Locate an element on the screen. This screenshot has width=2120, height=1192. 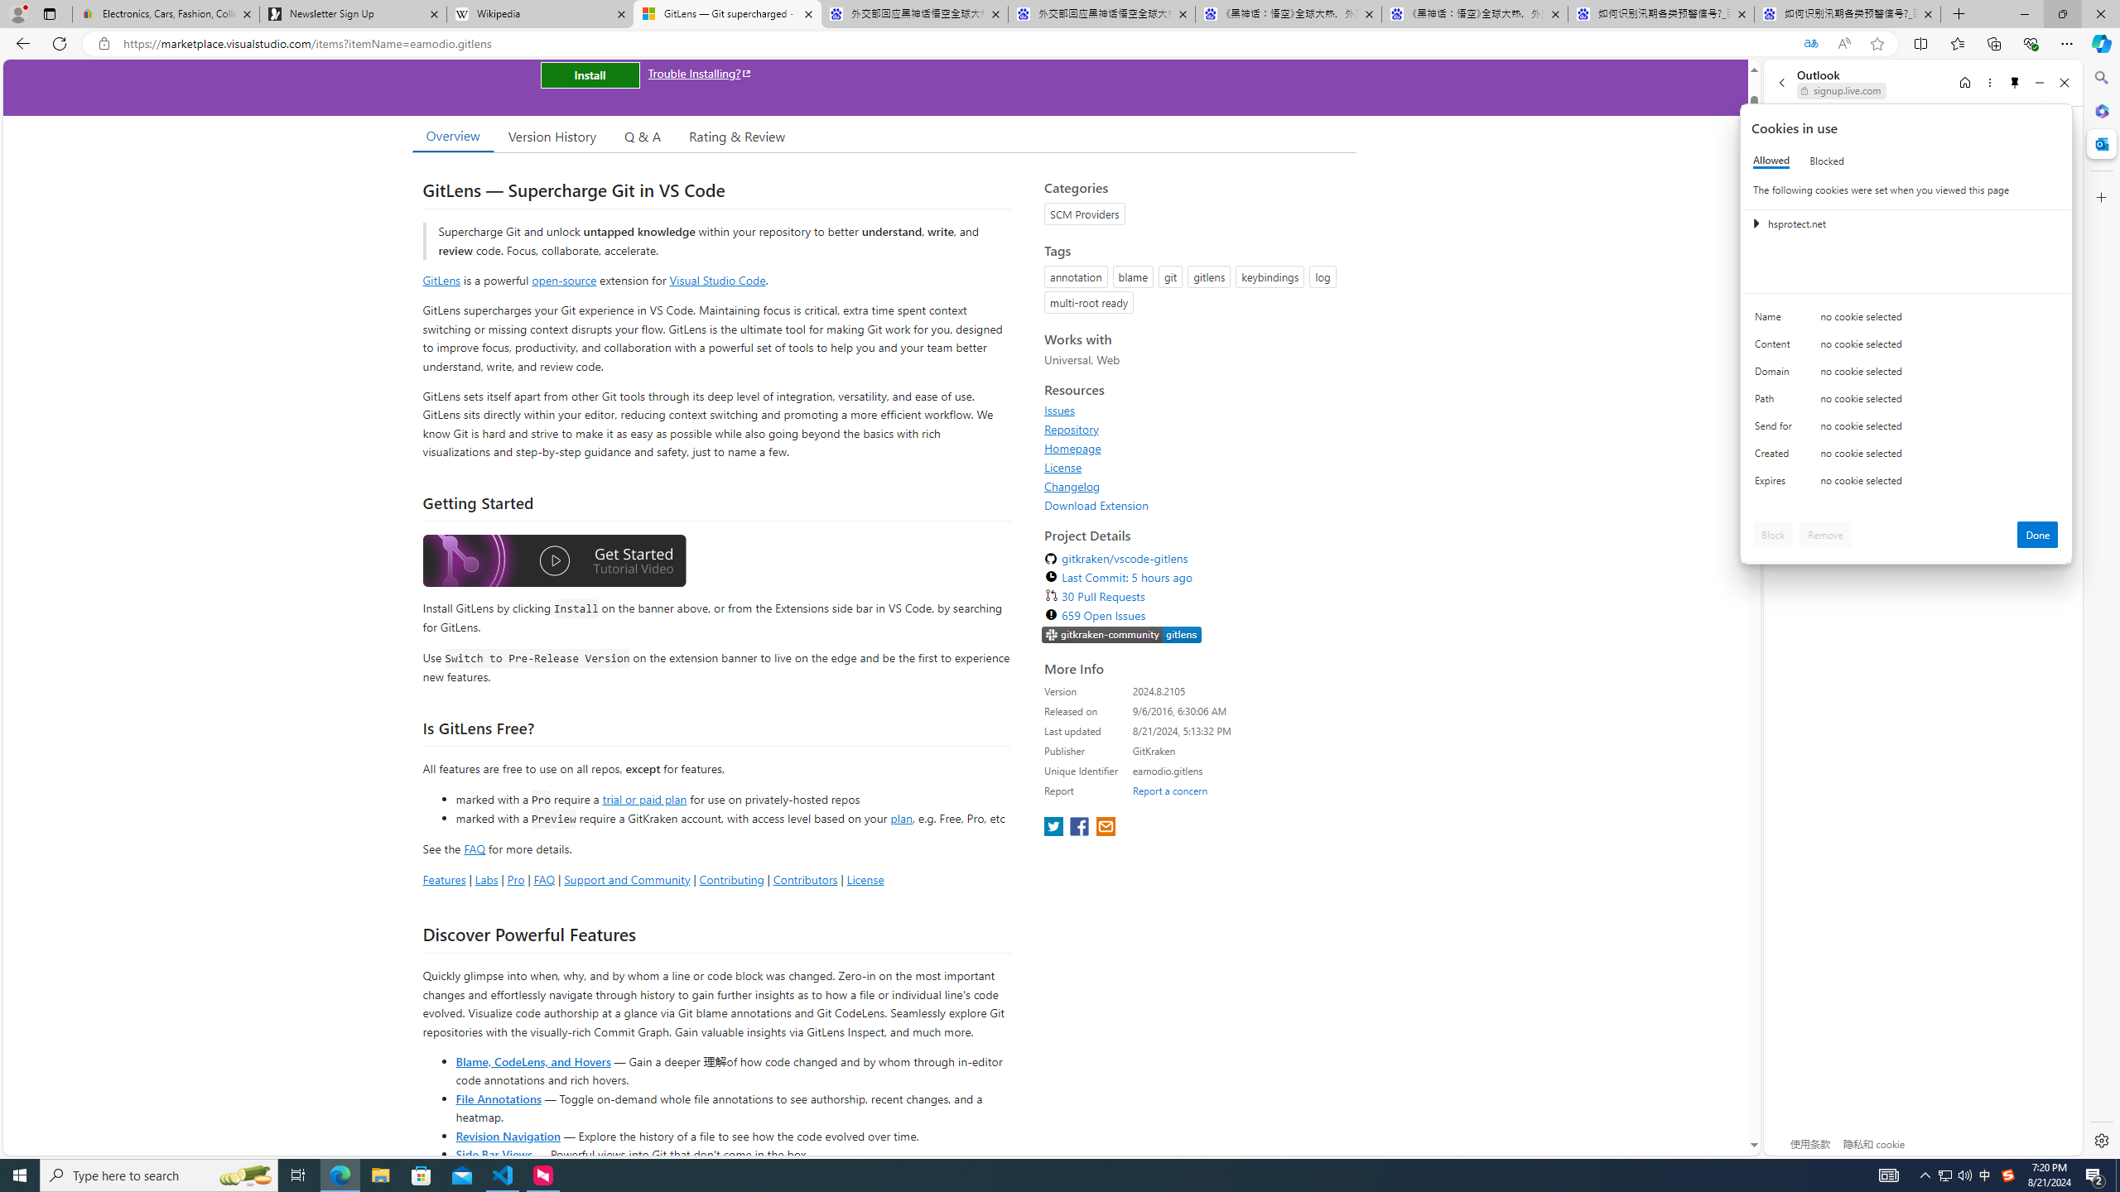
'Domain' is located at coordinates (1775, 374).